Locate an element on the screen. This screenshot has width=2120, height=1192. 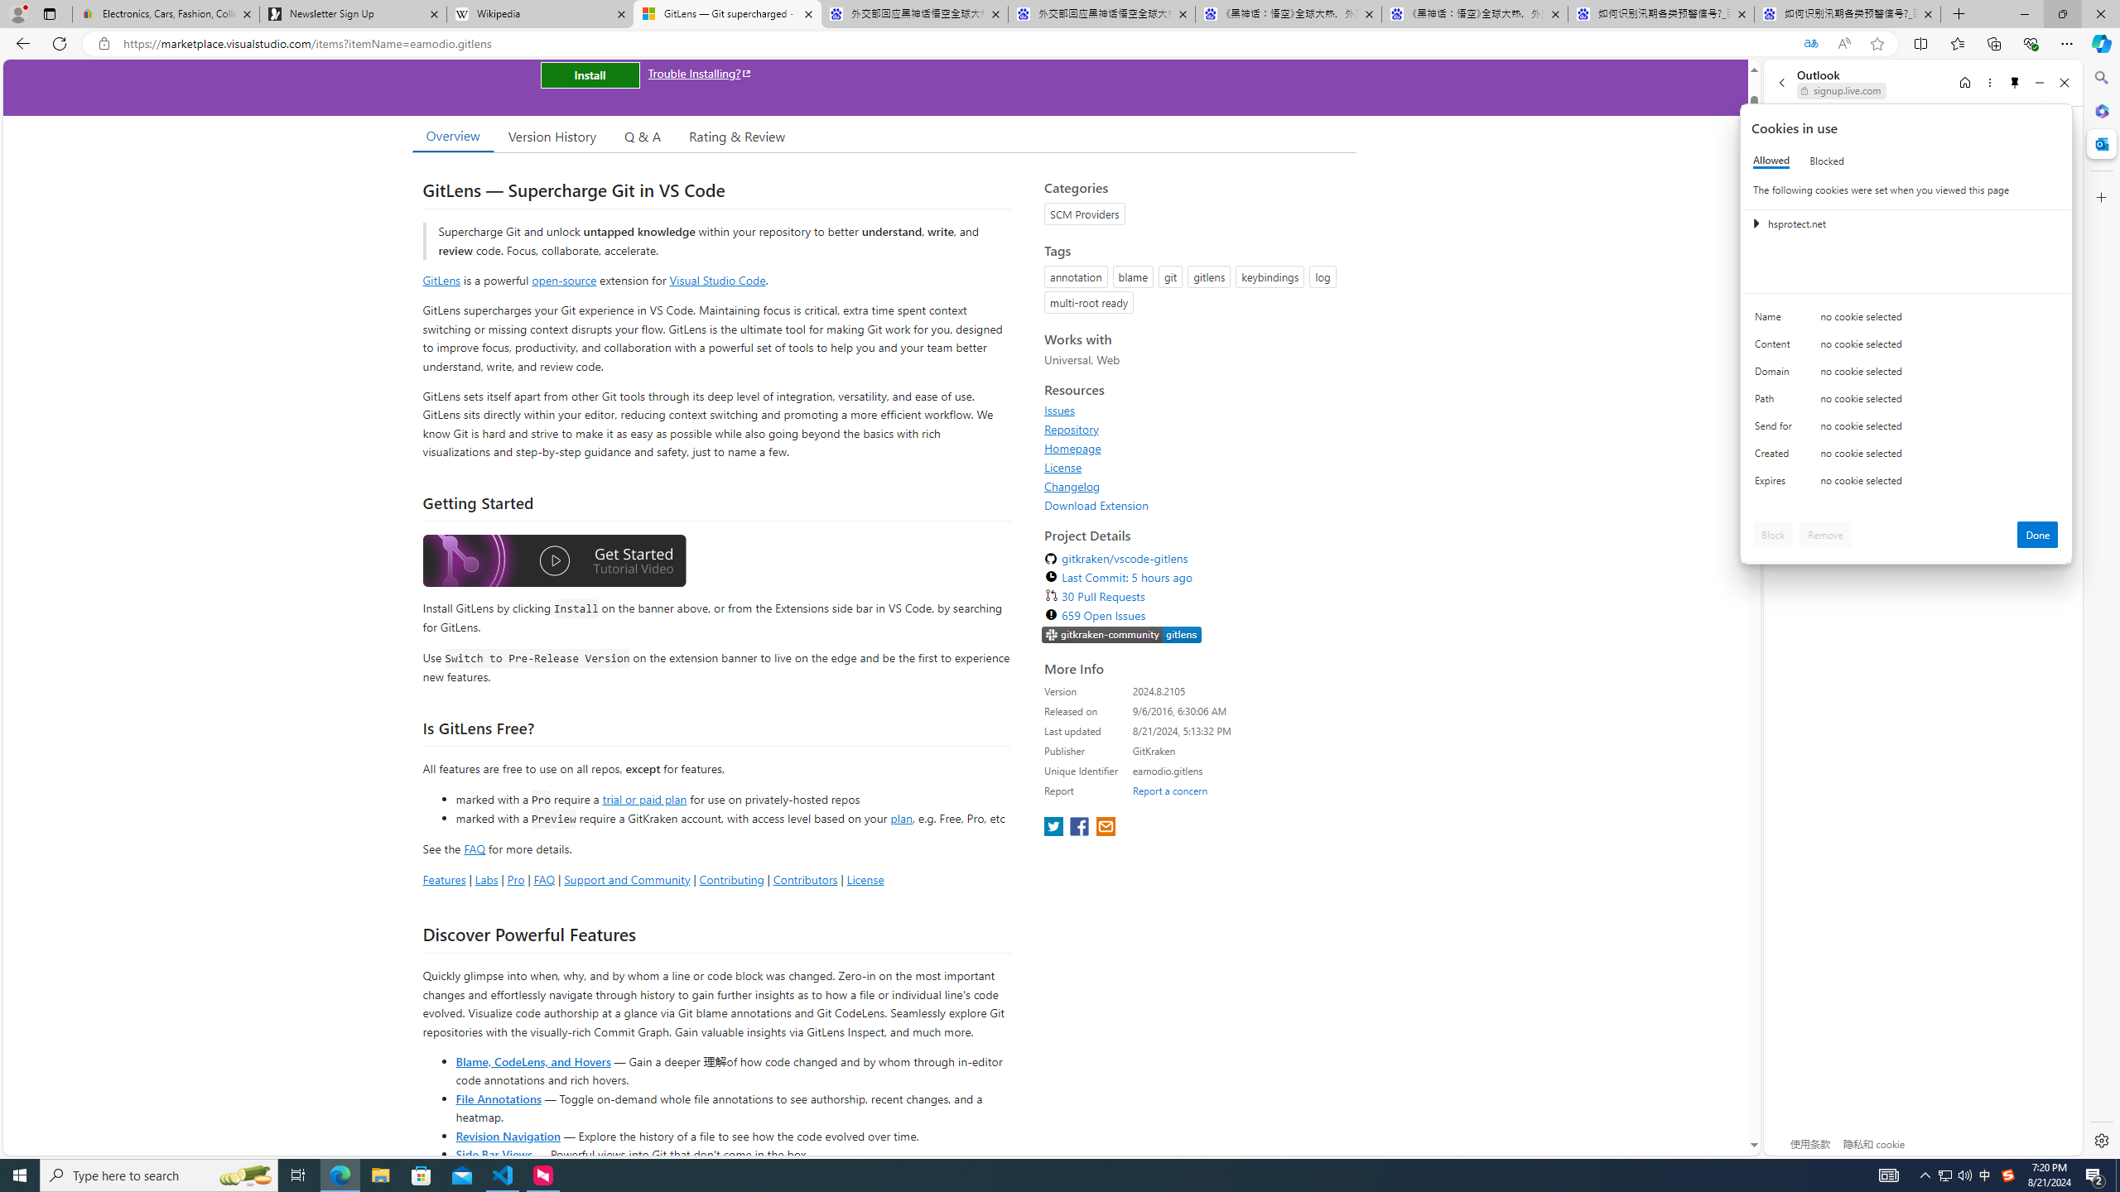
'Domain' is located at coordinates (1775, 374).